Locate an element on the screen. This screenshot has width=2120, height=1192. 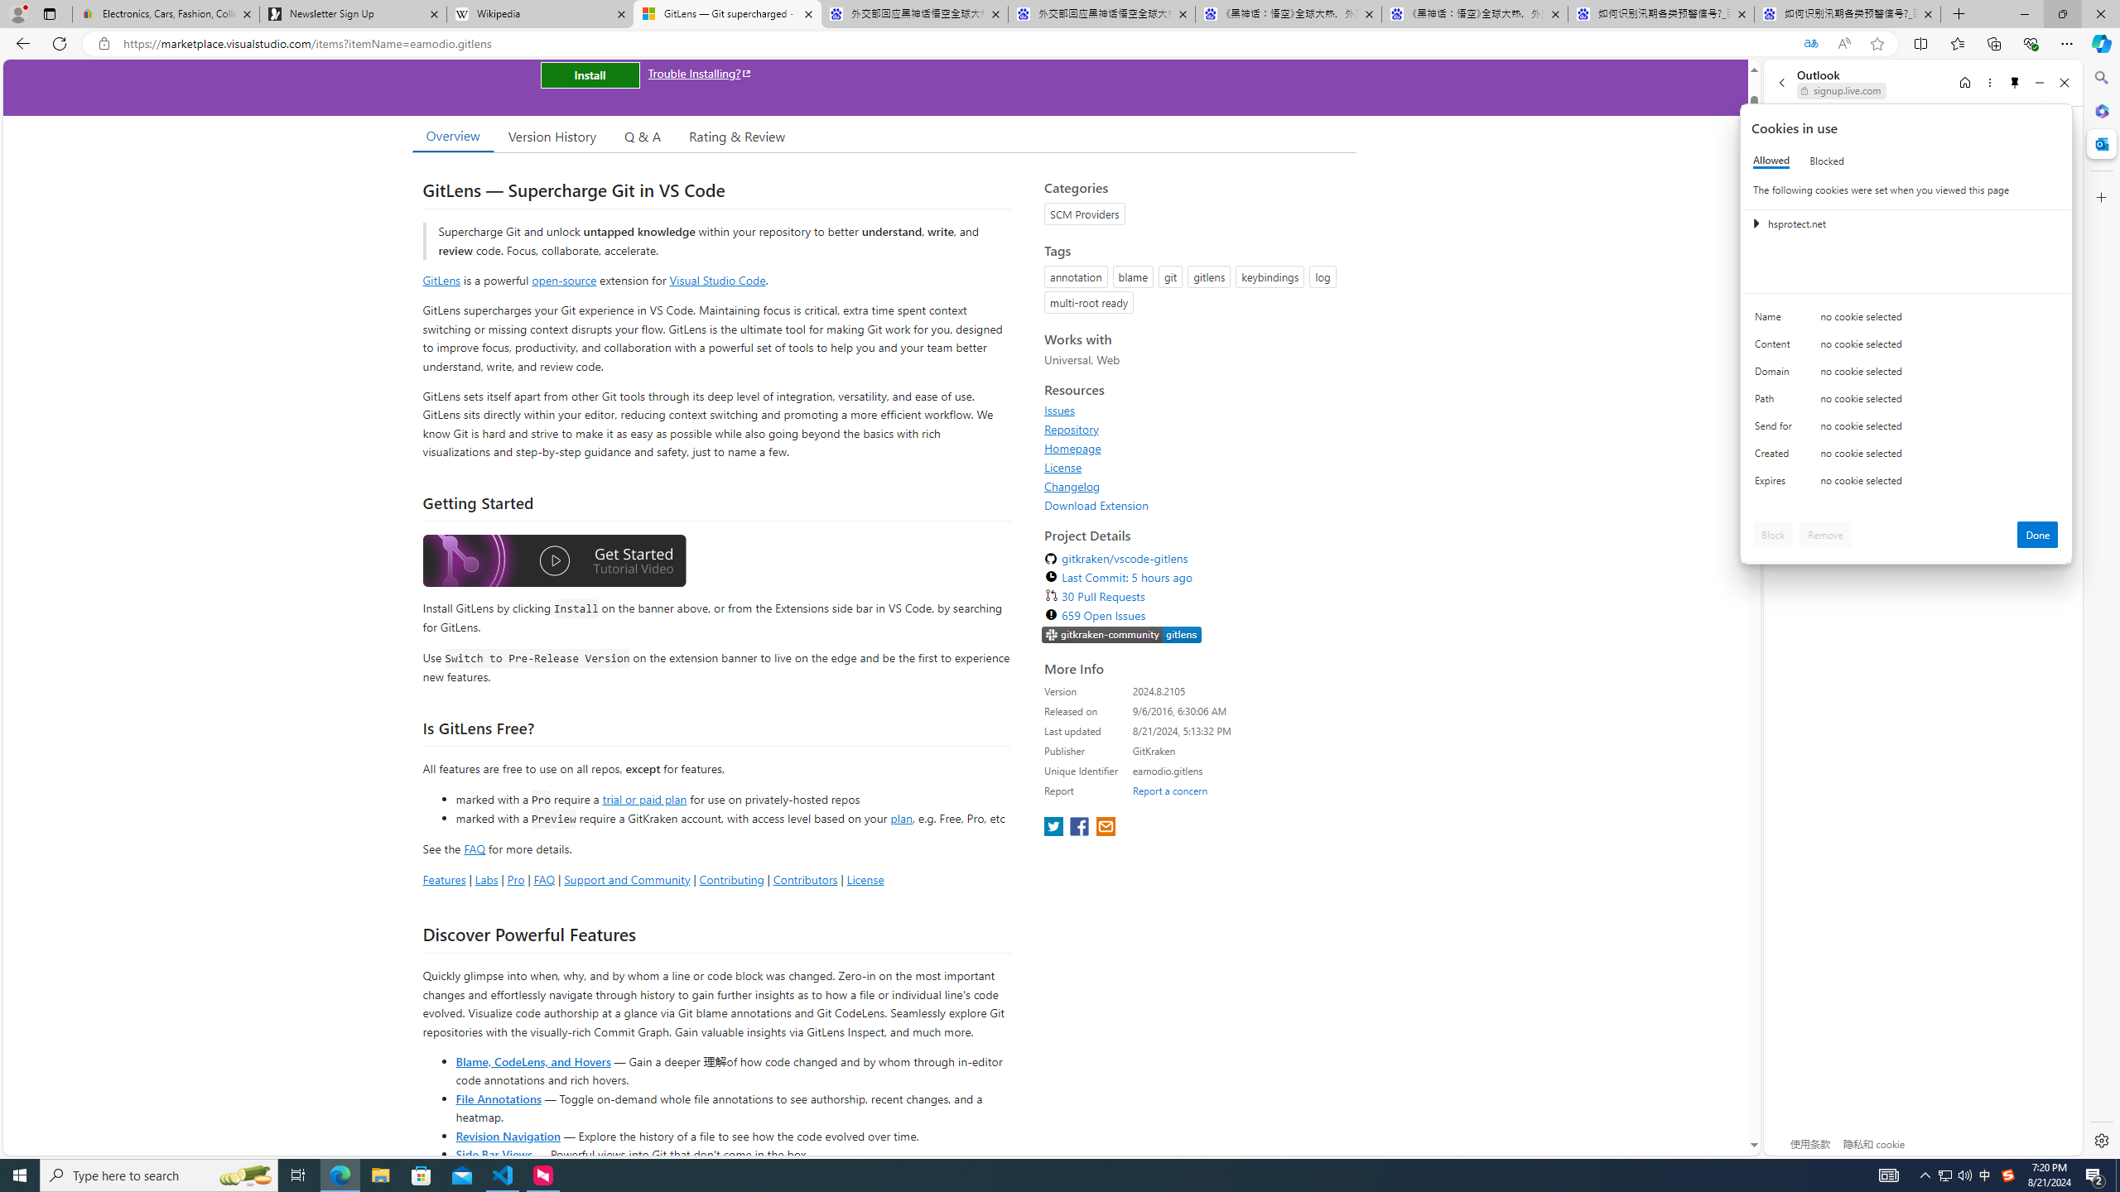
'Domain' is located at coordinates (1775, 374).